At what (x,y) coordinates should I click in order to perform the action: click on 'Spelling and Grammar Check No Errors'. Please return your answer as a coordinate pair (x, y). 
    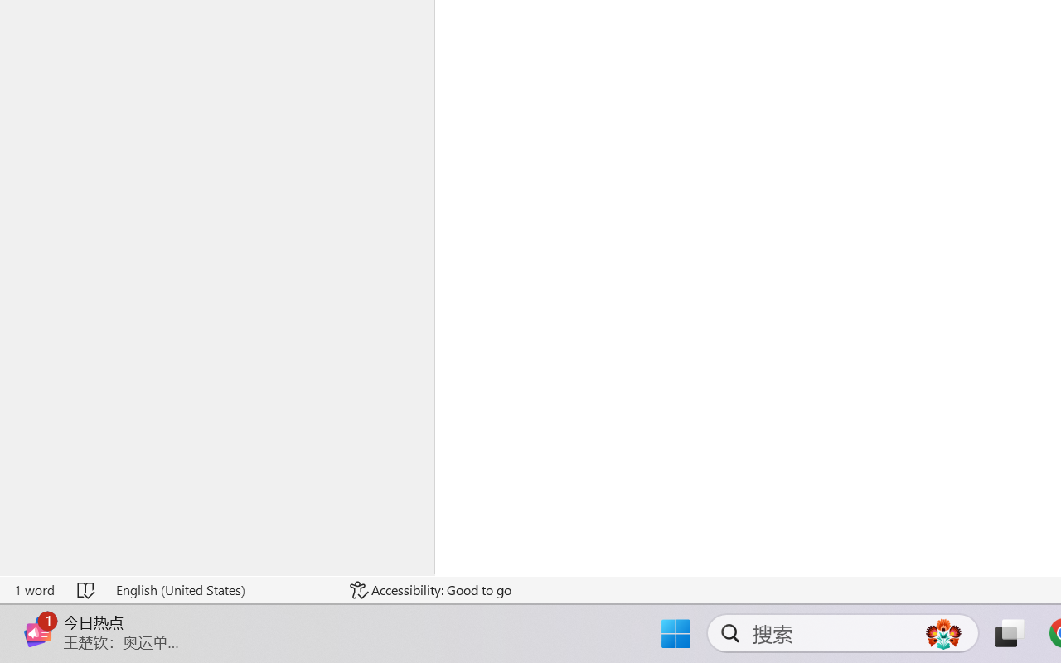
    Looking at the image, I should click on (86, 589).